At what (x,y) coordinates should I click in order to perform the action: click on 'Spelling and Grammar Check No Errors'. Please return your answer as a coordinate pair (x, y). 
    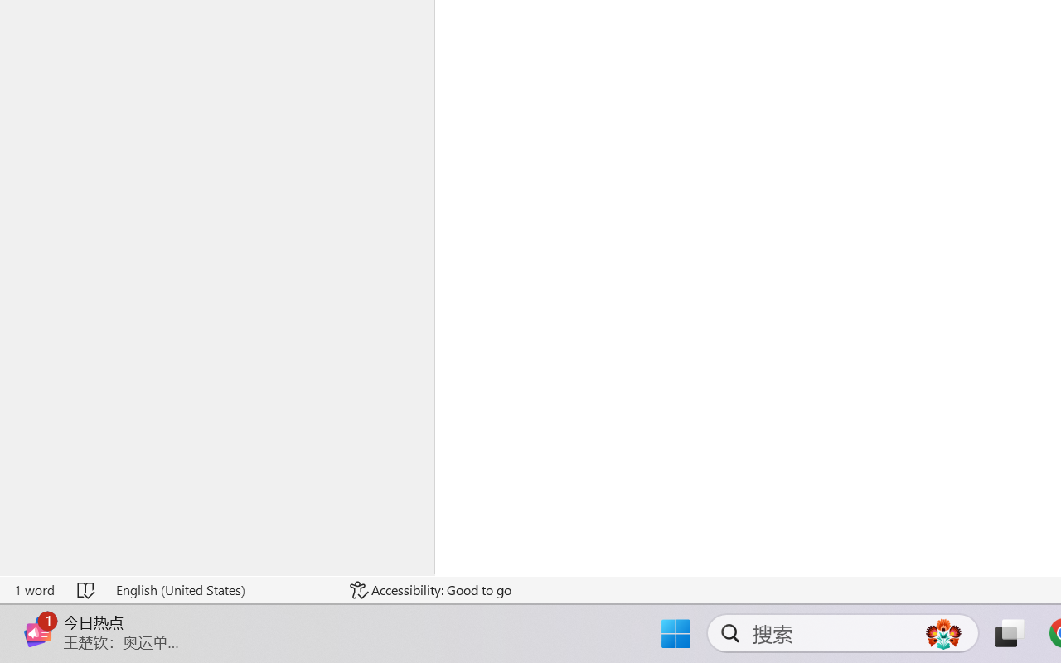
    Looking at the image, I should click on (86, 589).